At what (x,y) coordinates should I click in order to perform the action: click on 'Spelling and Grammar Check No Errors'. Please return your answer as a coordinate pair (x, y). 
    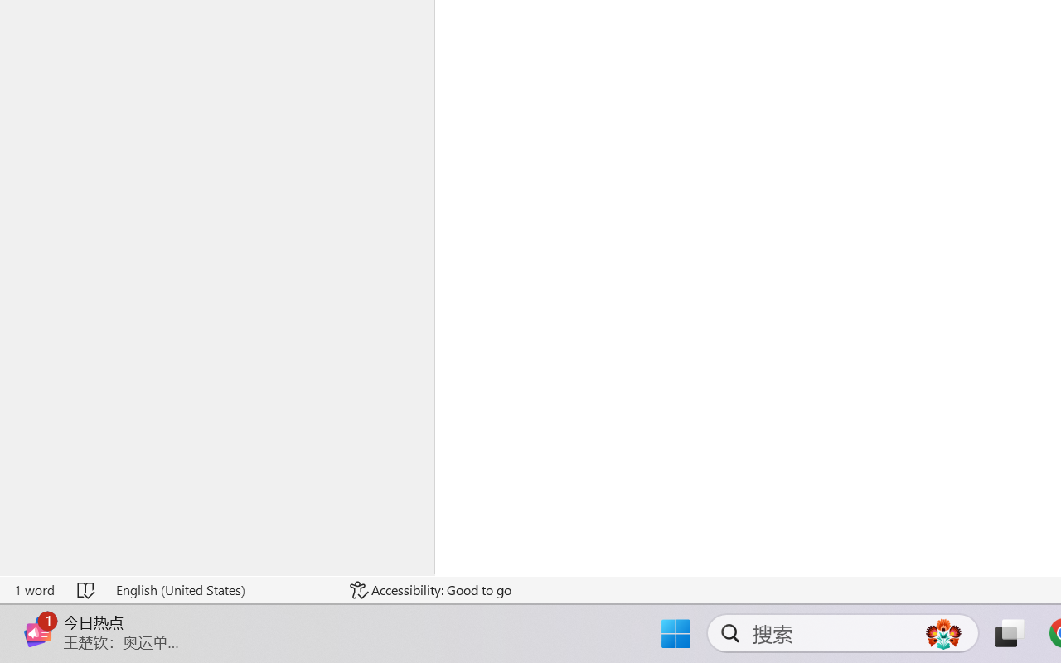
    Looking at the image, I should click on (86, 589).